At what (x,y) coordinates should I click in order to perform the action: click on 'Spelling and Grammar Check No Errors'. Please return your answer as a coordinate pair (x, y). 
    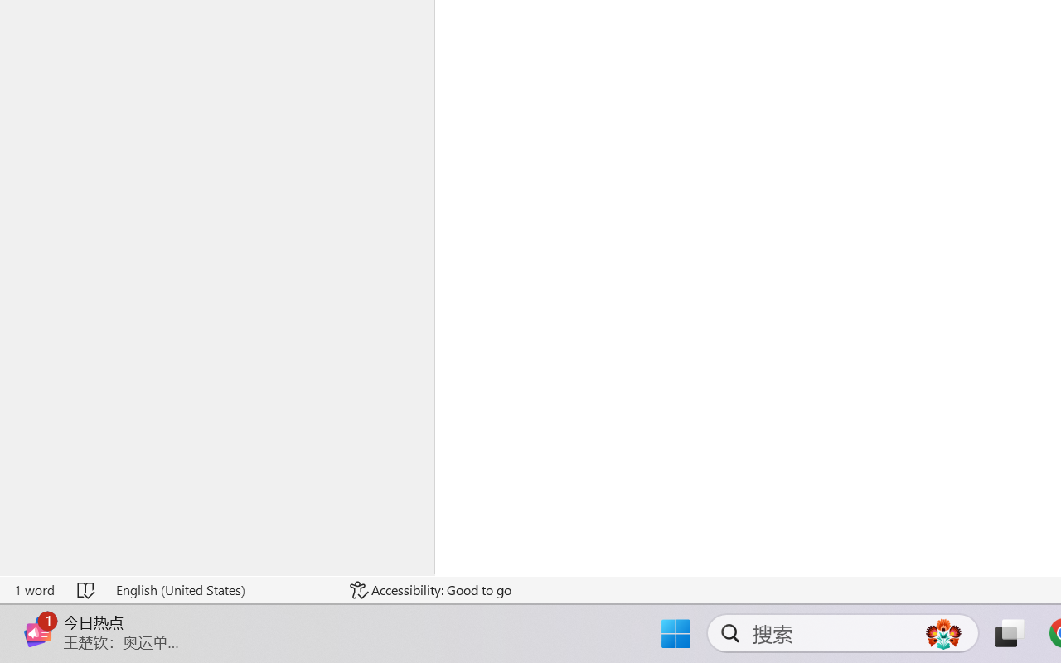
    Looking at the image, I should click on (86, 589).